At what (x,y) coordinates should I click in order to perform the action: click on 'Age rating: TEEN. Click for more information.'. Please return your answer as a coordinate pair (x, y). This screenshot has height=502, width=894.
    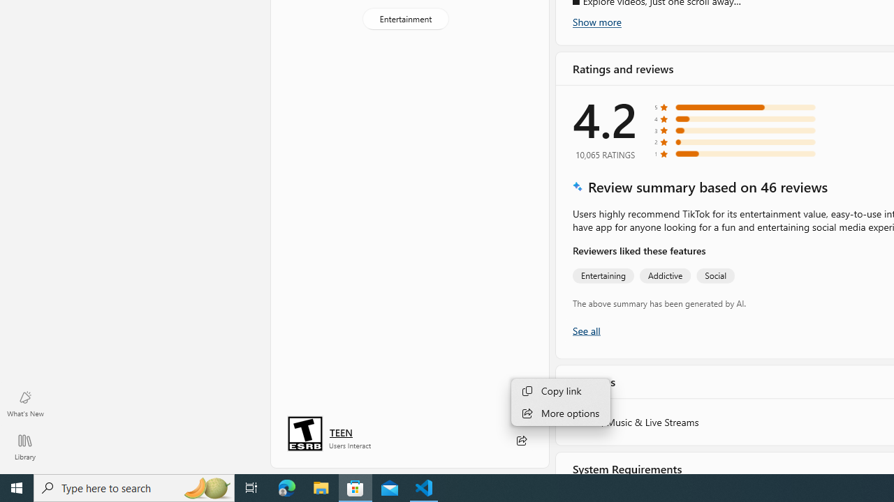
    Looking at the image, I should click on (341, 431).